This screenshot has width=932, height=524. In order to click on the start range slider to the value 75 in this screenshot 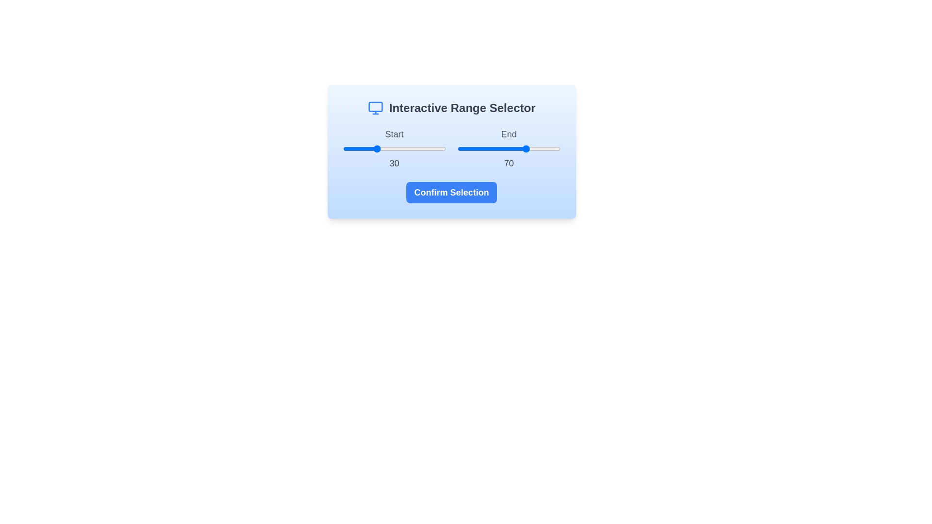, I will do `click(420, 149)`.